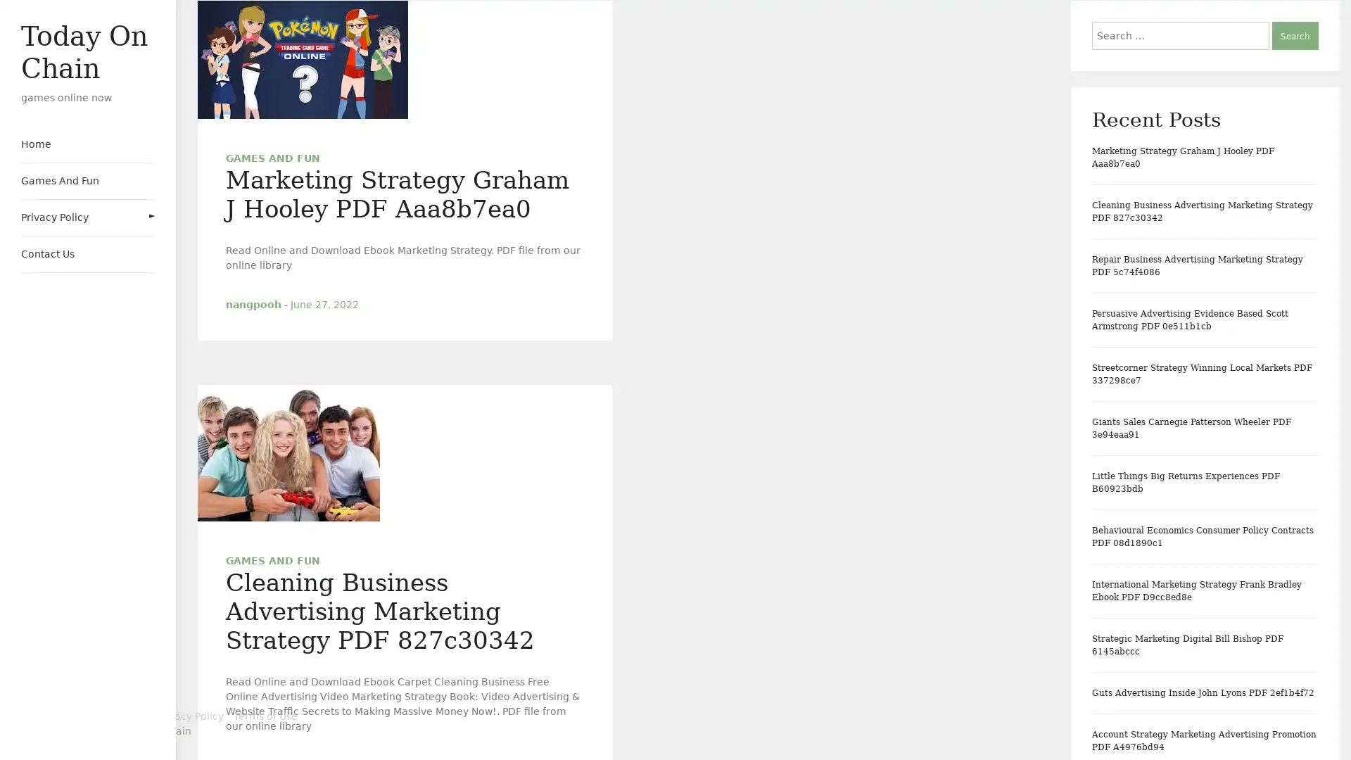 This screenshot has width=1351, height=760. Describe the element at coordinates (1295, 34) in the screenshot. I see `Search` at that location.